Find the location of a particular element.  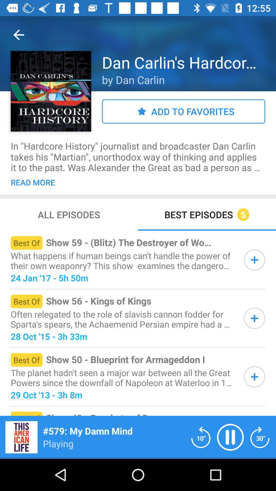

the av_forward icon is located at coordinates (260, 437).